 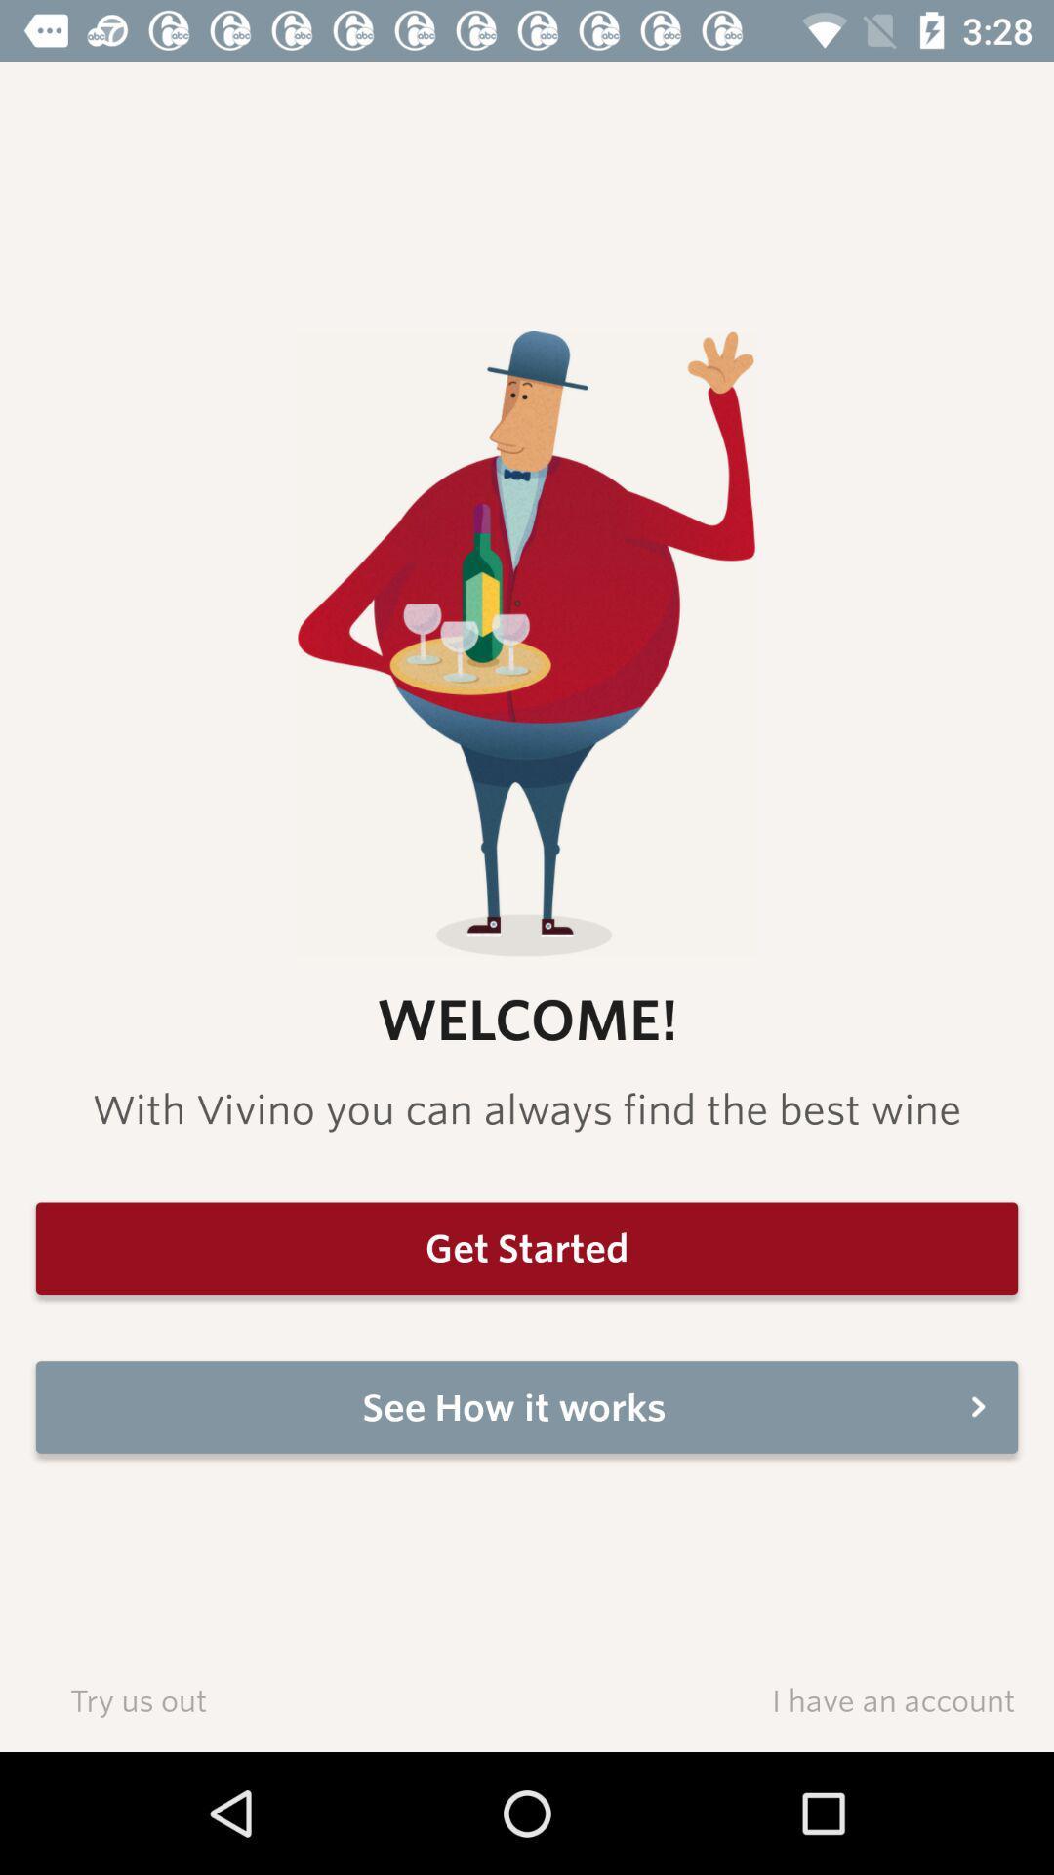 I want to click on the item next to the i have an item, so click(x=137, y=1699).